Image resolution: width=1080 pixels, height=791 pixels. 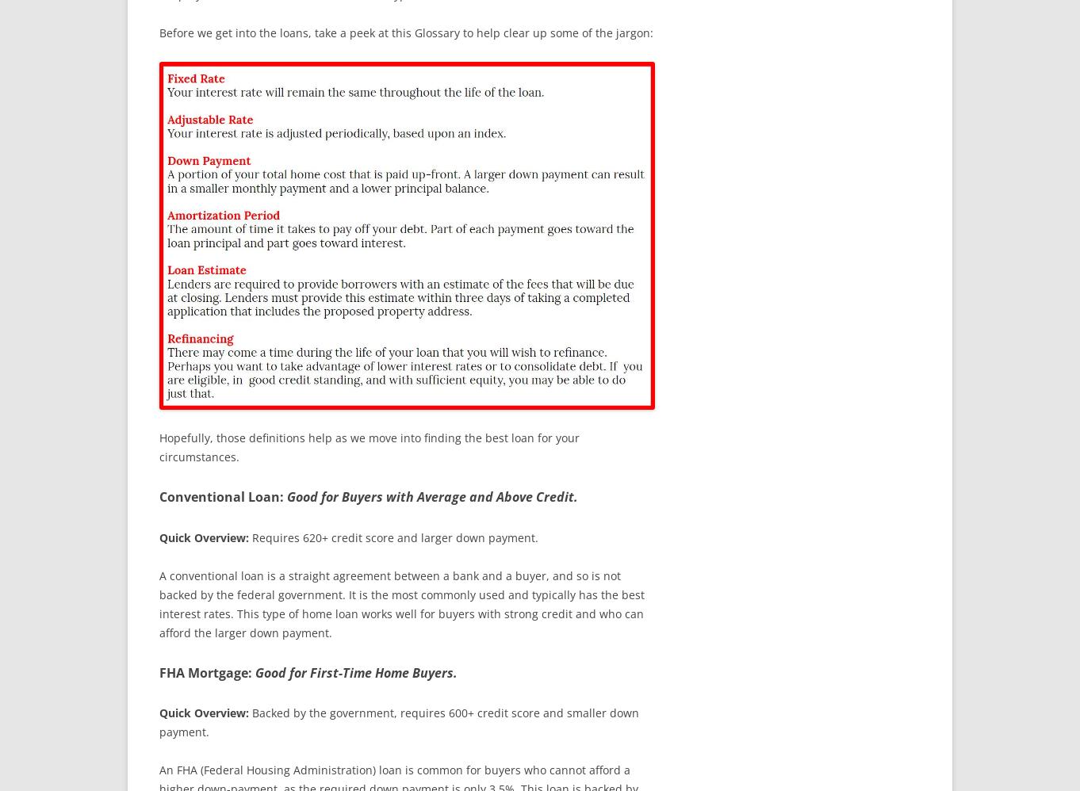 What do you see at coordinates (206, 672) in the screenshot?
I see `'FHA Mortgage:'` at bounding box center [206, 672].